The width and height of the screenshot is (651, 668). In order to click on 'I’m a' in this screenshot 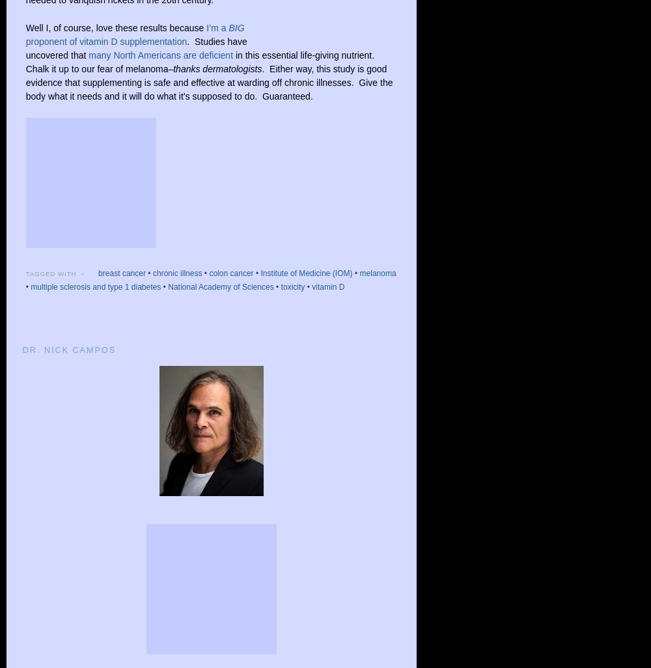, I will do `click(217, 27)`.